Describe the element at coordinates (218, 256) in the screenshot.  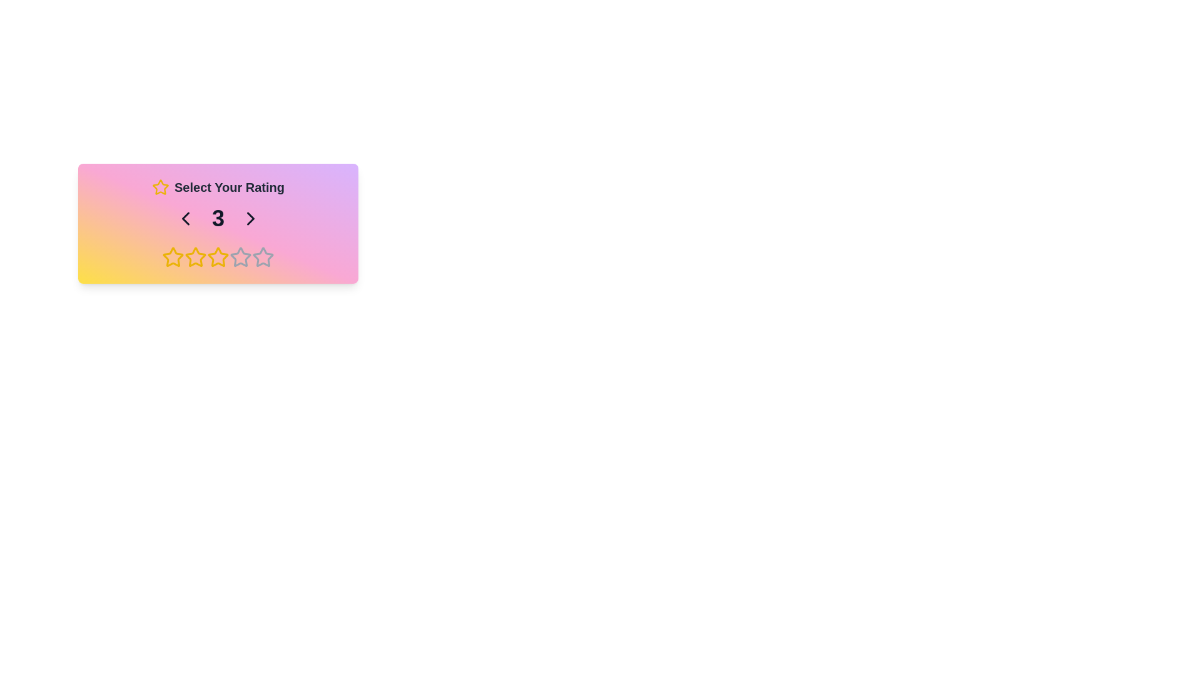
I see `the selected yellow star icon, which is the third in a row of five stars` at that location.